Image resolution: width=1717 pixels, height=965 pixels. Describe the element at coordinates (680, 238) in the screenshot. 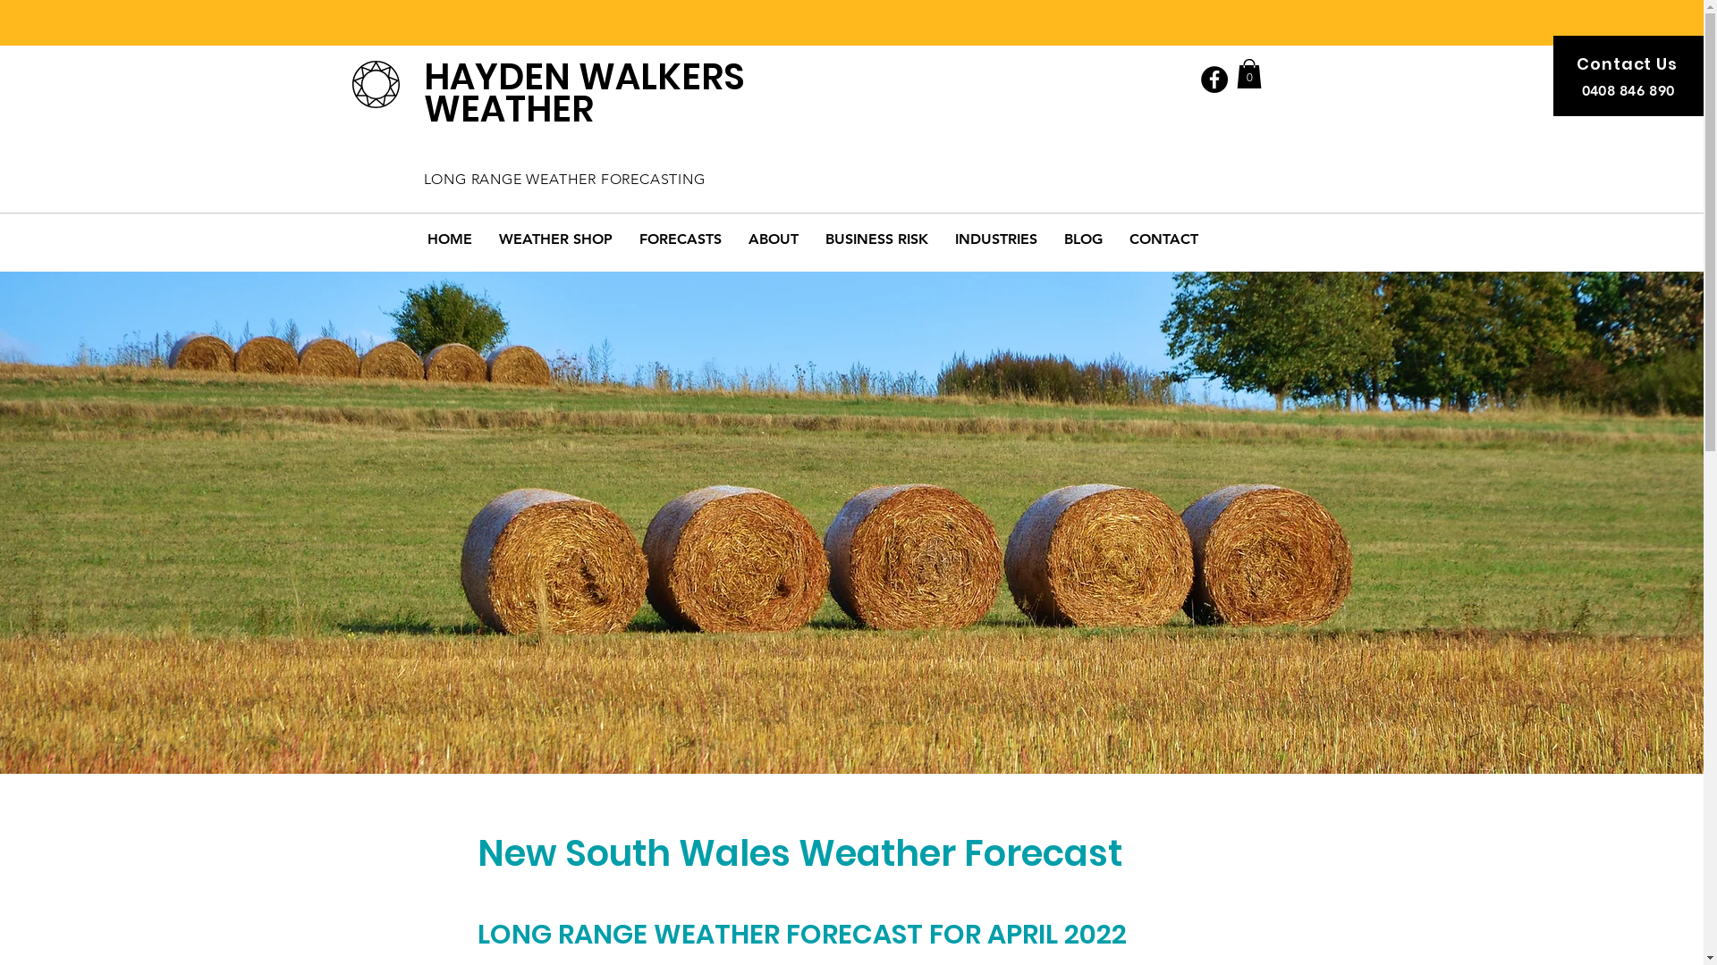

I see `'FORECASTS'` at that location.